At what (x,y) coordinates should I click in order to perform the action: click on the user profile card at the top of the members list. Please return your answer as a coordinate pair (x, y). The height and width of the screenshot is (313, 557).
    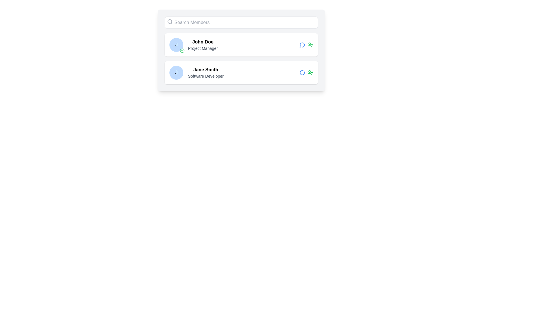
    Looking at the image, I should click on (241, 50).